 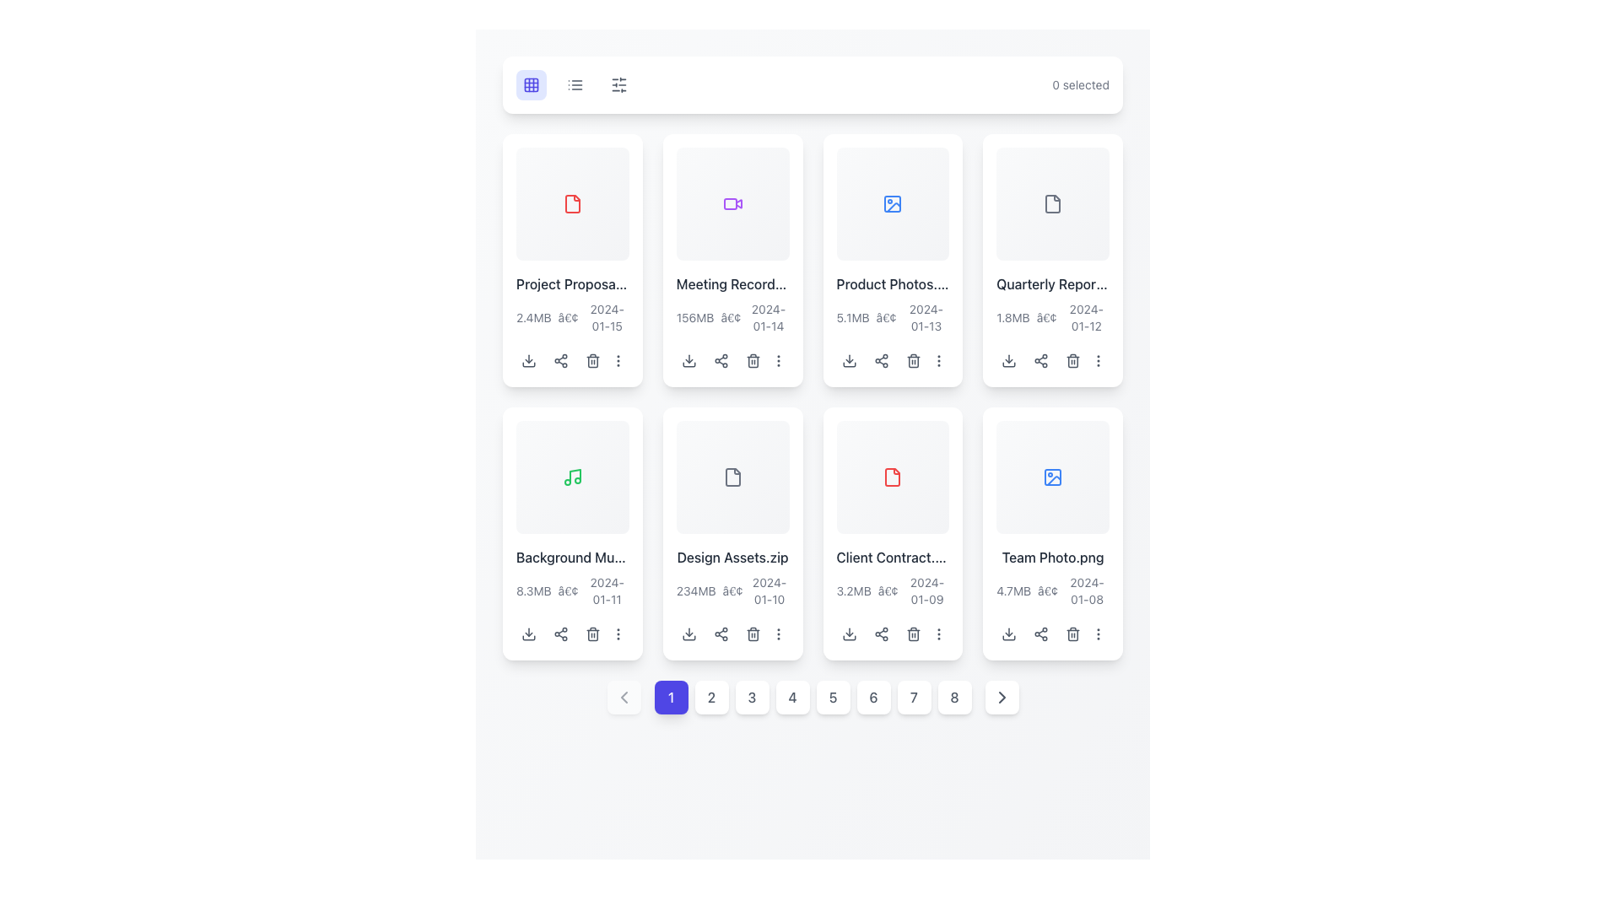 What do you see at coordinates (732, 202) in the screenshot?
I see `the video icon with a purple outline of a video camera, located within the top section of the 'Meeting Recording.mp4' card` at bounding box center [732, 202].